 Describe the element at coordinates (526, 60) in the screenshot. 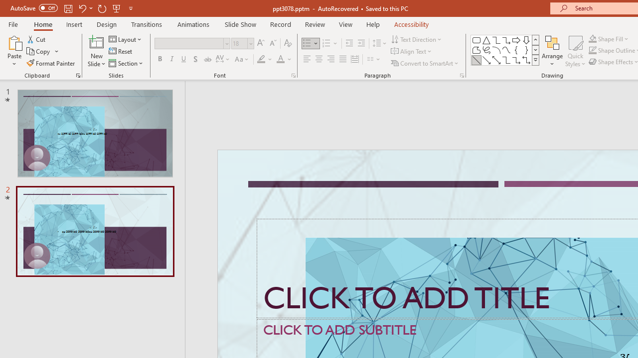

I see `'Connector: Elbow Double-Arrow'` at that location.